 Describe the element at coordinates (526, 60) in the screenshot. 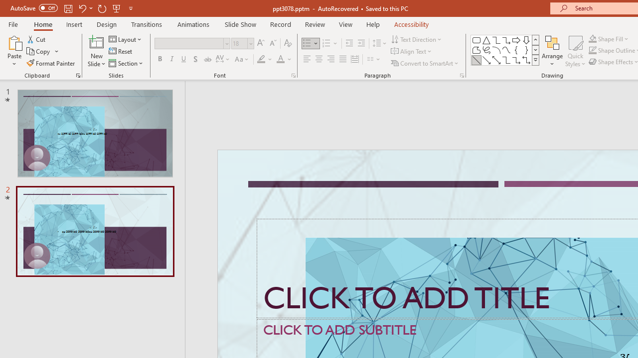

I see `'Connector: Elbow Double-Arrow'` at that location.